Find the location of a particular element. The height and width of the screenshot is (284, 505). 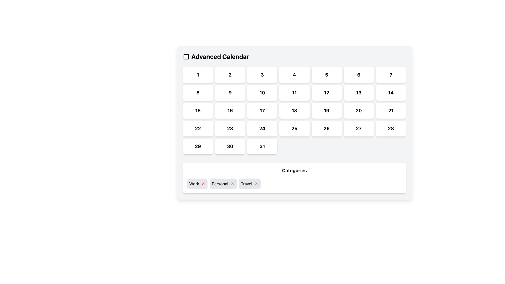

the bold styled numeric button displaying the number '5' located in the second row and fifth column of the grid is located at coordinates (326, 75).